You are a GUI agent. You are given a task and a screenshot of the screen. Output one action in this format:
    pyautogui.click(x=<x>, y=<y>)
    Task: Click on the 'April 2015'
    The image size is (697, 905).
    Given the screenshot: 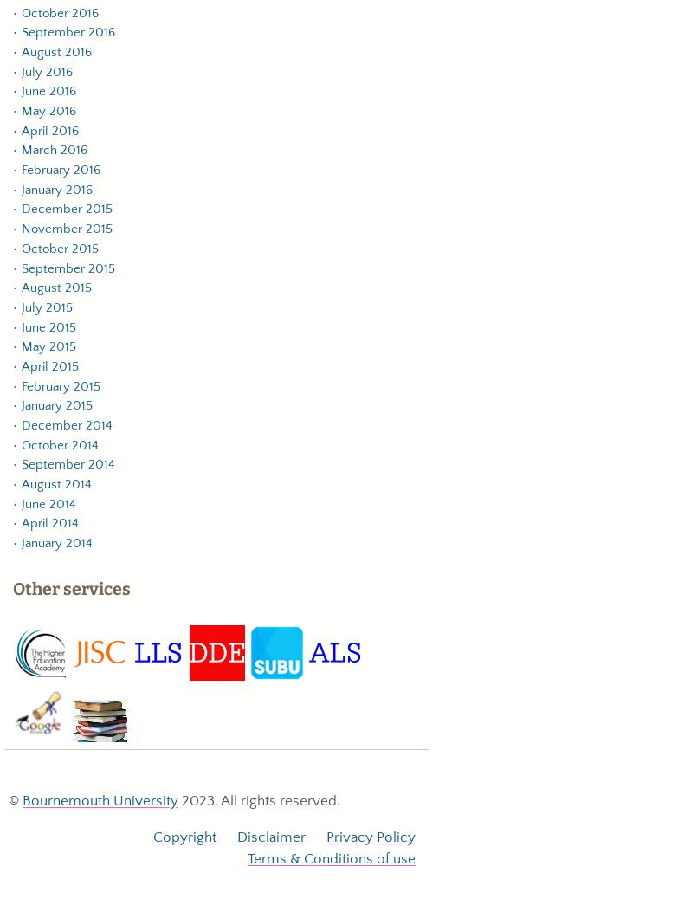 What is the action you would take?
    pyautogui.click(x=49, y=365)
    